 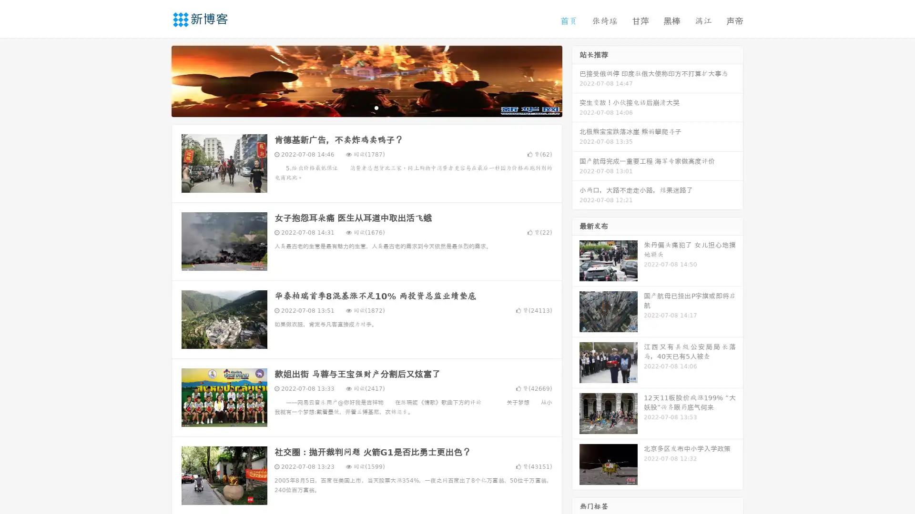 I want to click on Go to slide 2, so click(x=366, y=107).